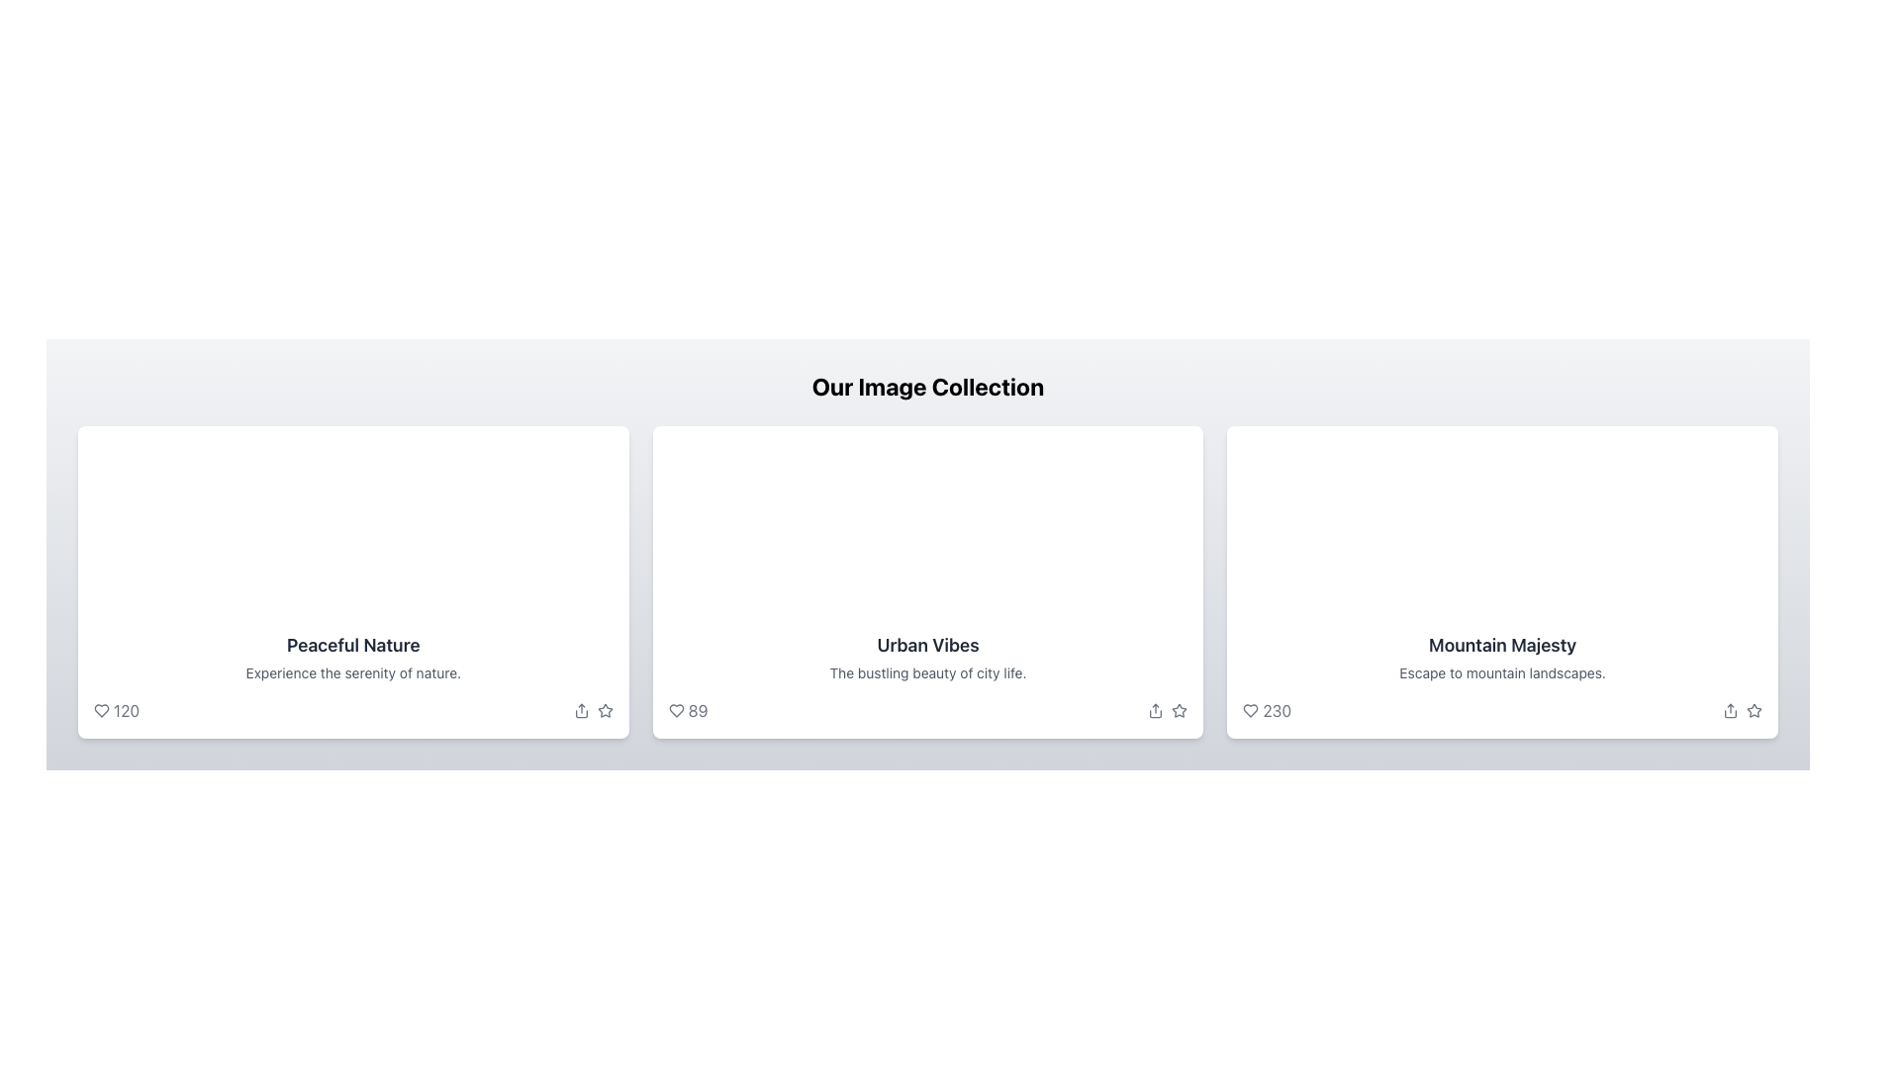 The image size is (1900, 1068). I want to click on the heart-shaped icon with a thin outline and hollow center located to the left of the number '230' in the bottom-right section of the 'Mountain Majesty' card, so click(1250, 709).